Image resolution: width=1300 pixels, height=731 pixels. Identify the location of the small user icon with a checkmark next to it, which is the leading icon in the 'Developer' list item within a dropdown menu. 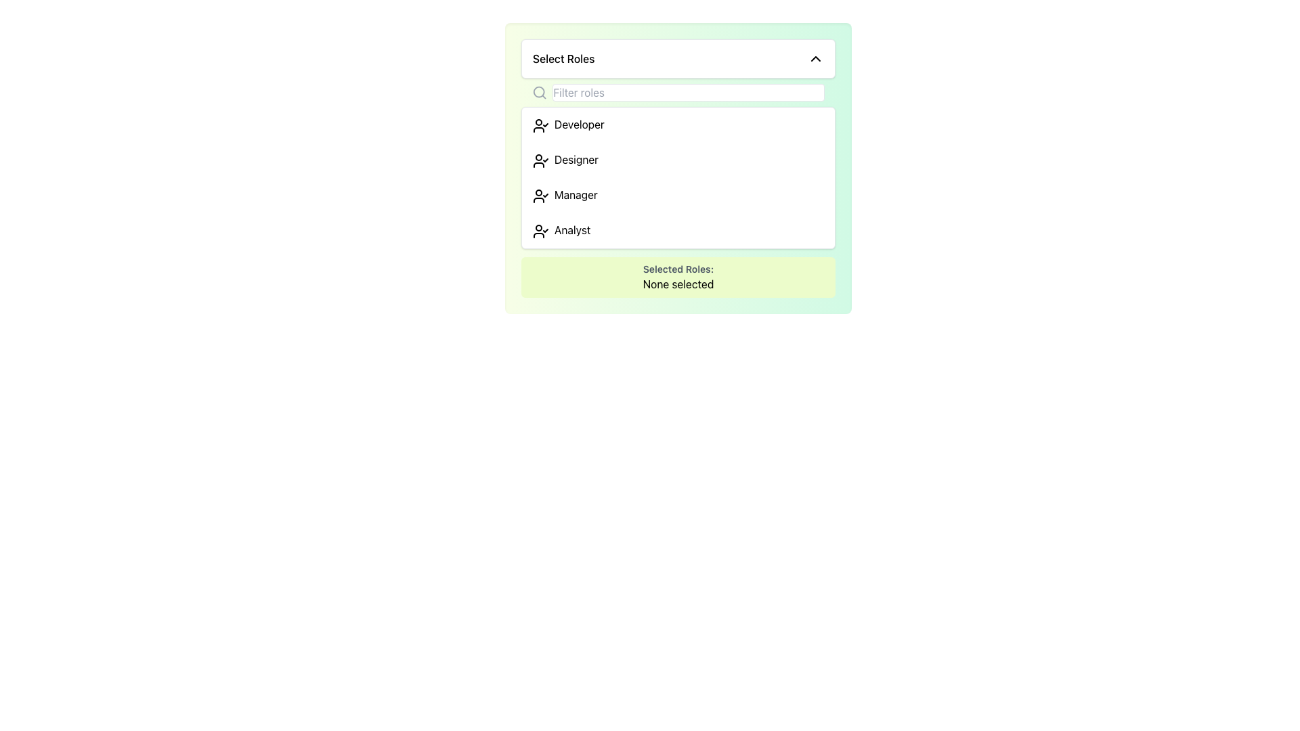
(540, 125).